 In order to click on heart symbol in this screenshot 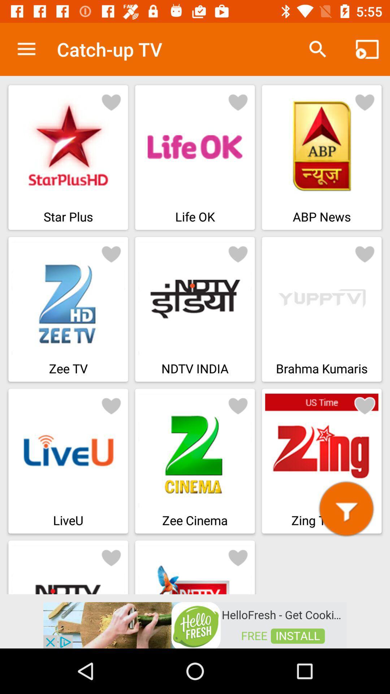, I will do `click(365, 406)`.